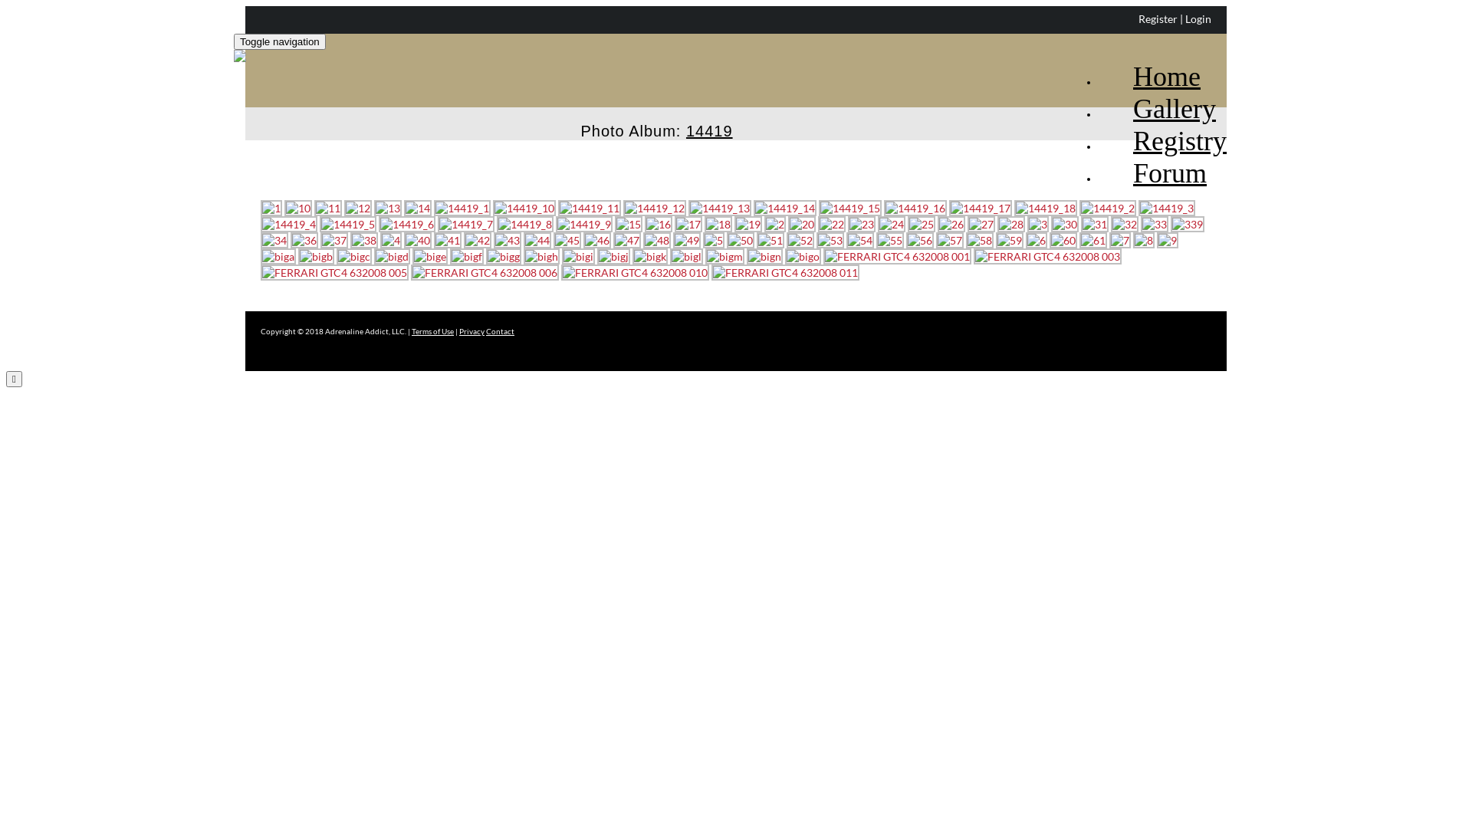 The height and width of the screenshot is (828, 1472). Describe the element at coordinates (747, 224) in the screenshot. I see `'19 (click to enlarge)'` at that location.